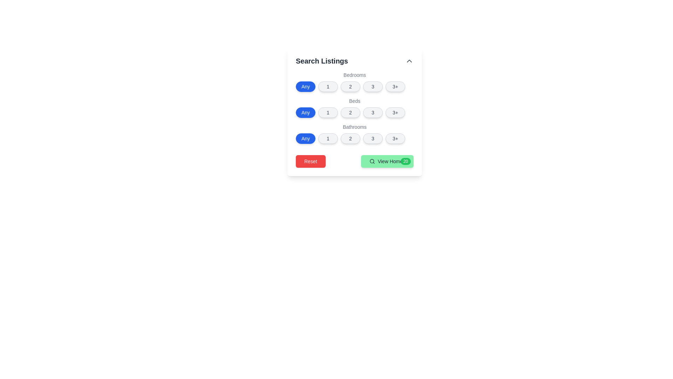  Describe the element at coordinates (395, 112) in the screenshot. I see `the button labeled '3+' which has a rounded rectangle shape, light gray background, and dark gray text, located in the Beds section of the interface` at that location.